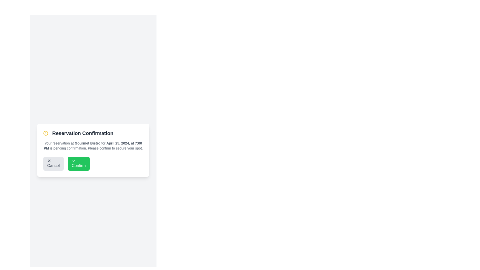  I want to click on the green 'Confirm' button with a checkmark icon to confirm the action, so click(78, 164).